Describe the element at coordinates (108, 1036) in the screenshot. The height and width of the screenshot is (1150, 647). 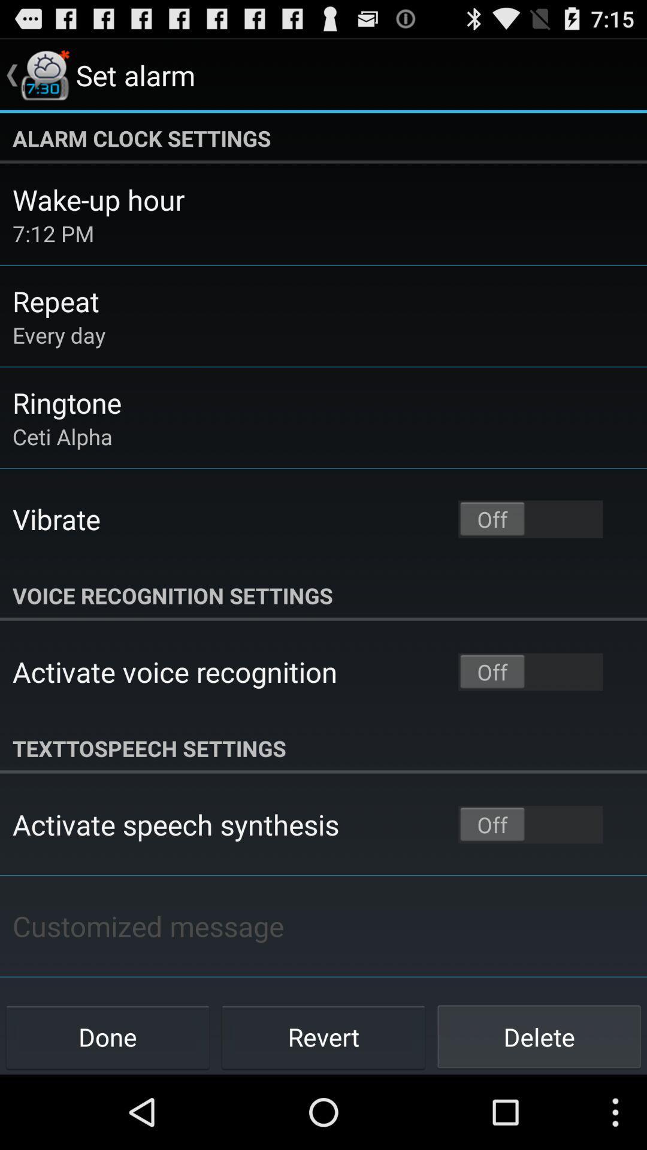
I see `done` at that location.